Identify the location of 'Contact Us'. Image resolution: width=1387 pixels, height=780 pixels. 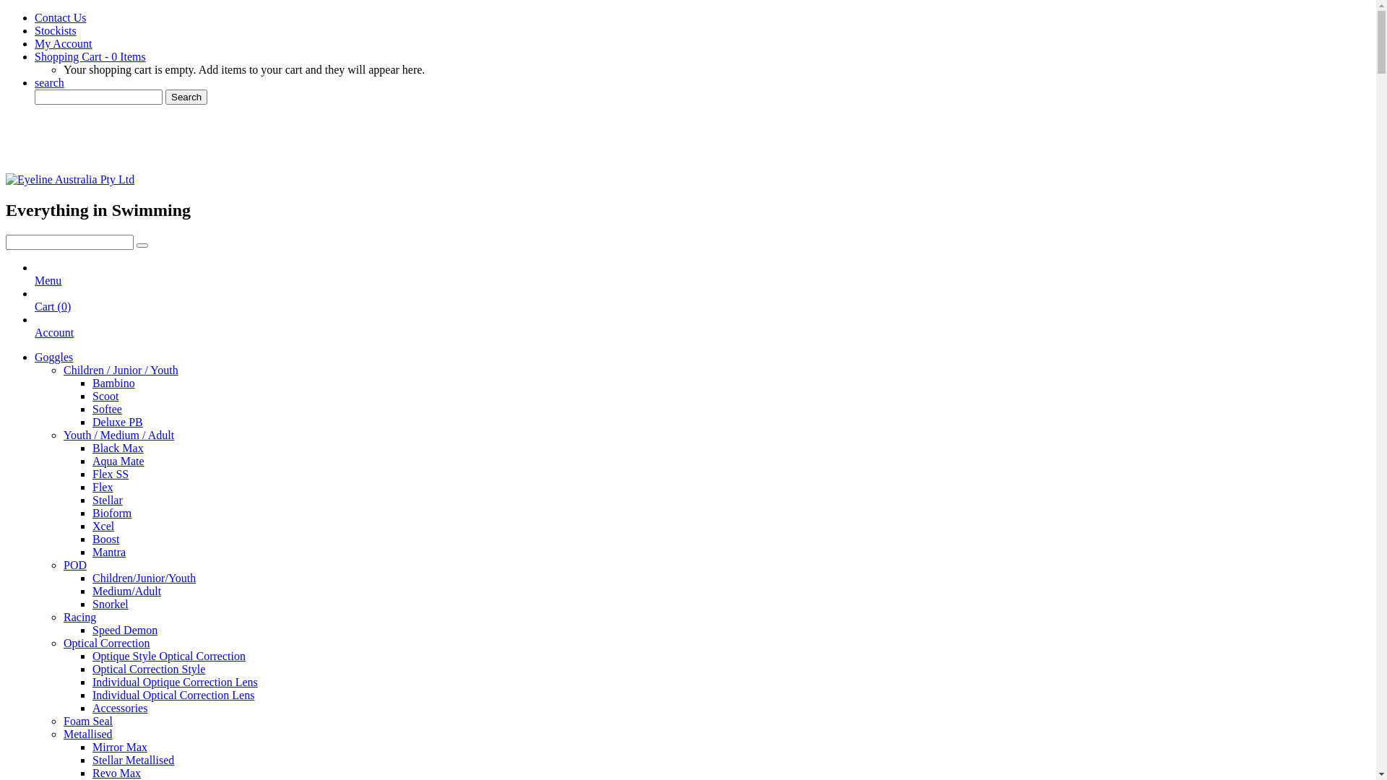
(35, 17).